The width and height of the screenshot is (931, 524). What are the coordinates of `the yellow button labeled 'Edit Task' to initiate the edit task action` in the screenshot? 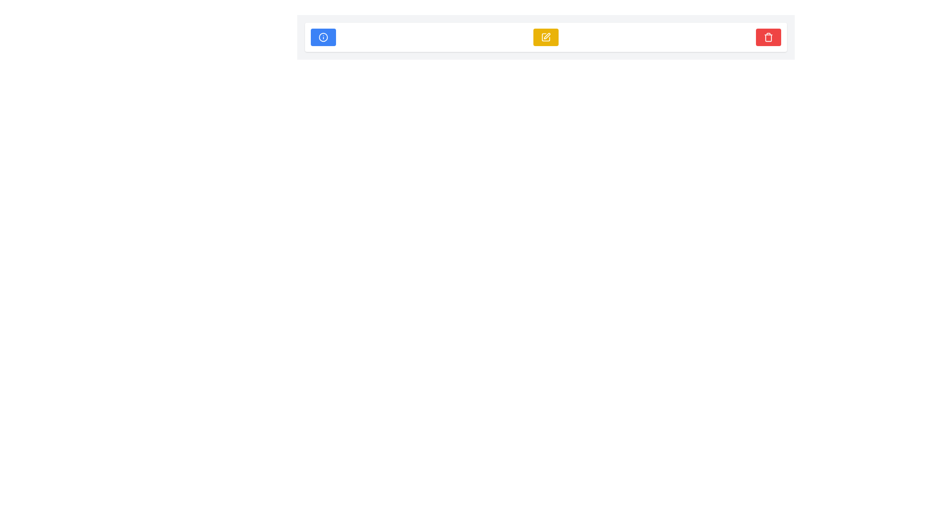 It's located at (546, 37).